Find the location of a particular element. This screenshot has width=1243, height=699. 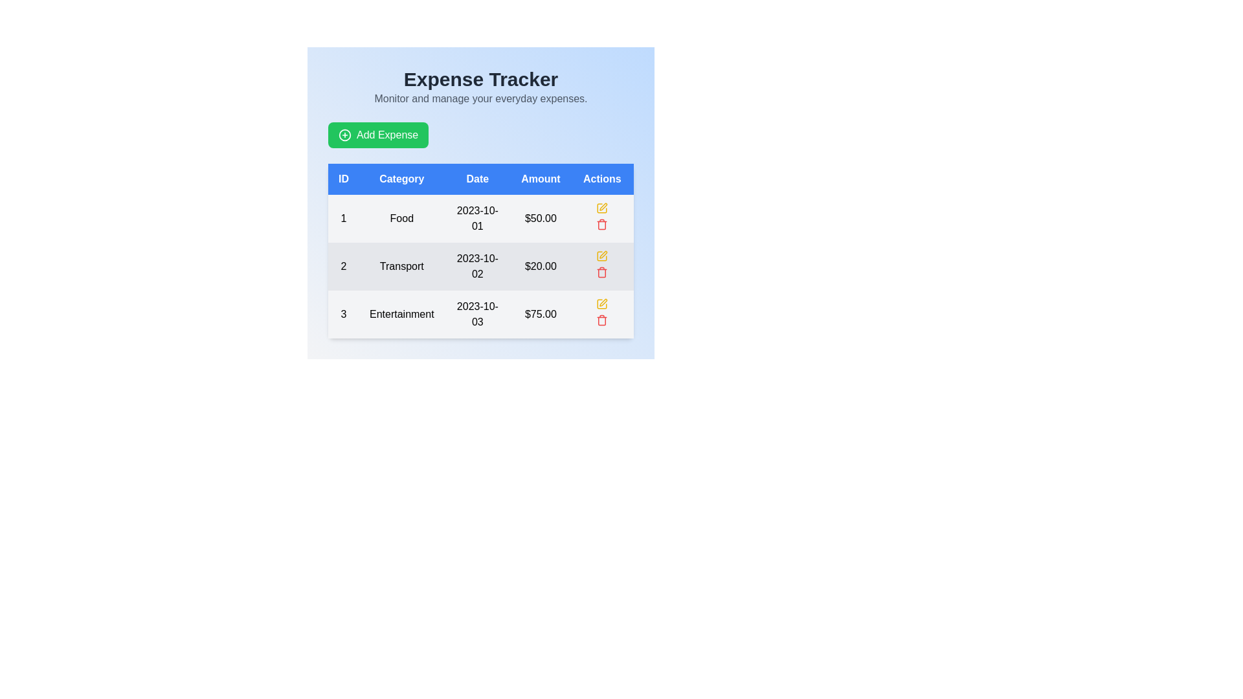

the pen-shaped icon in the 'Actions' column of the third row of the table is located at coordinates (603, 302).